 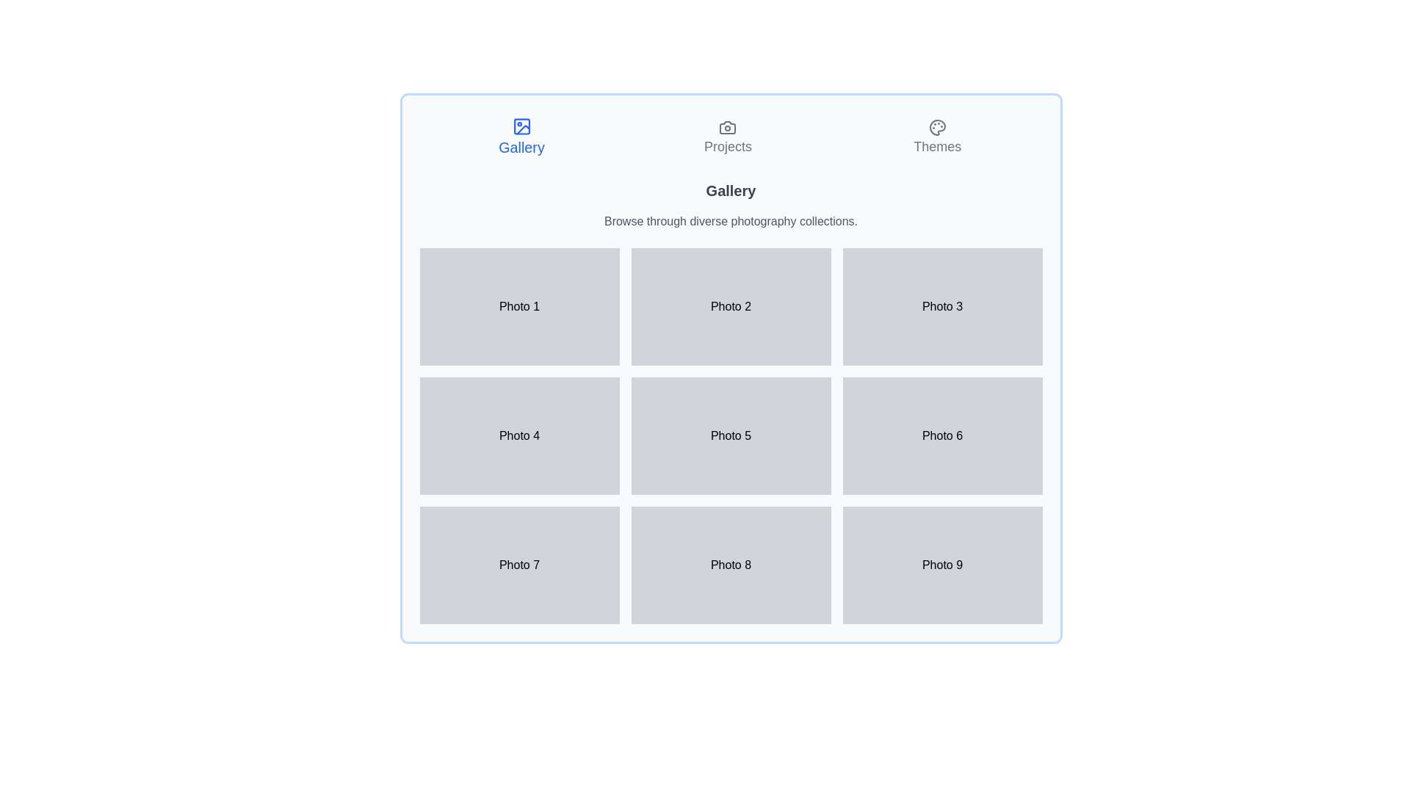 I want to click on the 'Themes' icon located at the top right corner of the interface, so click(x=936, y=126).